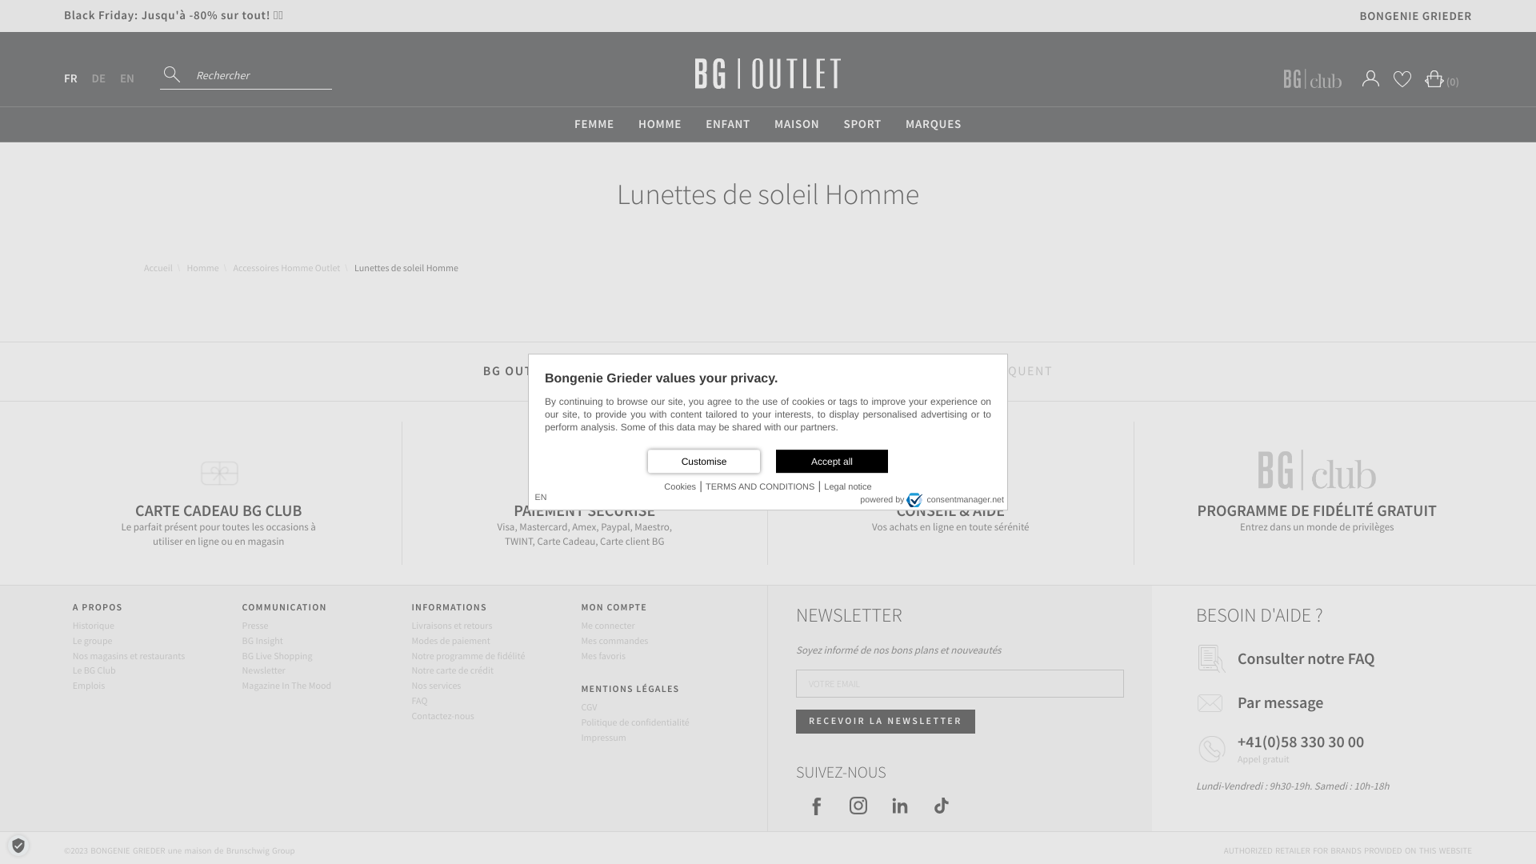 This screenshot has height=864, width=1536. What do you see at coordinates (94, 670) in the screenshot?
I see `'Le BG Club'` at bounding box center [94, 670].